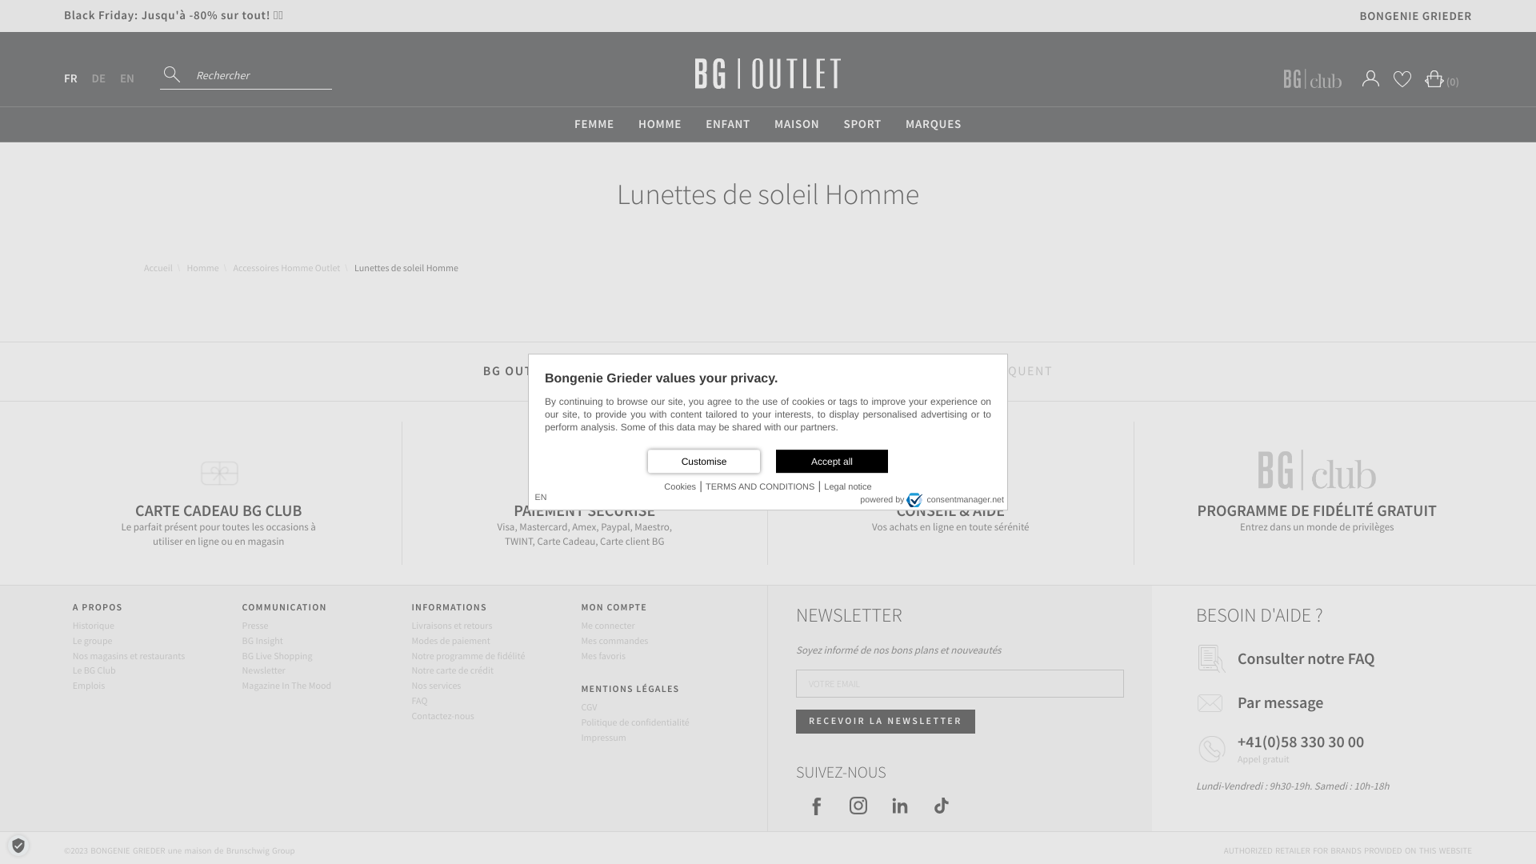 This screenshot has height=864, width=1536. What do you see at coordinates (94, 670) in the screenshot?
I see `'Le BG Club'` at bounding box center [94, 670].